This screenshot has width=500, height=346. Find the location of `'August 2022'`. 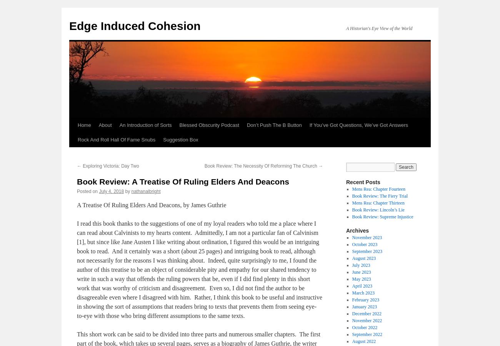

'August 2022' is located at coordinates (364, 341).